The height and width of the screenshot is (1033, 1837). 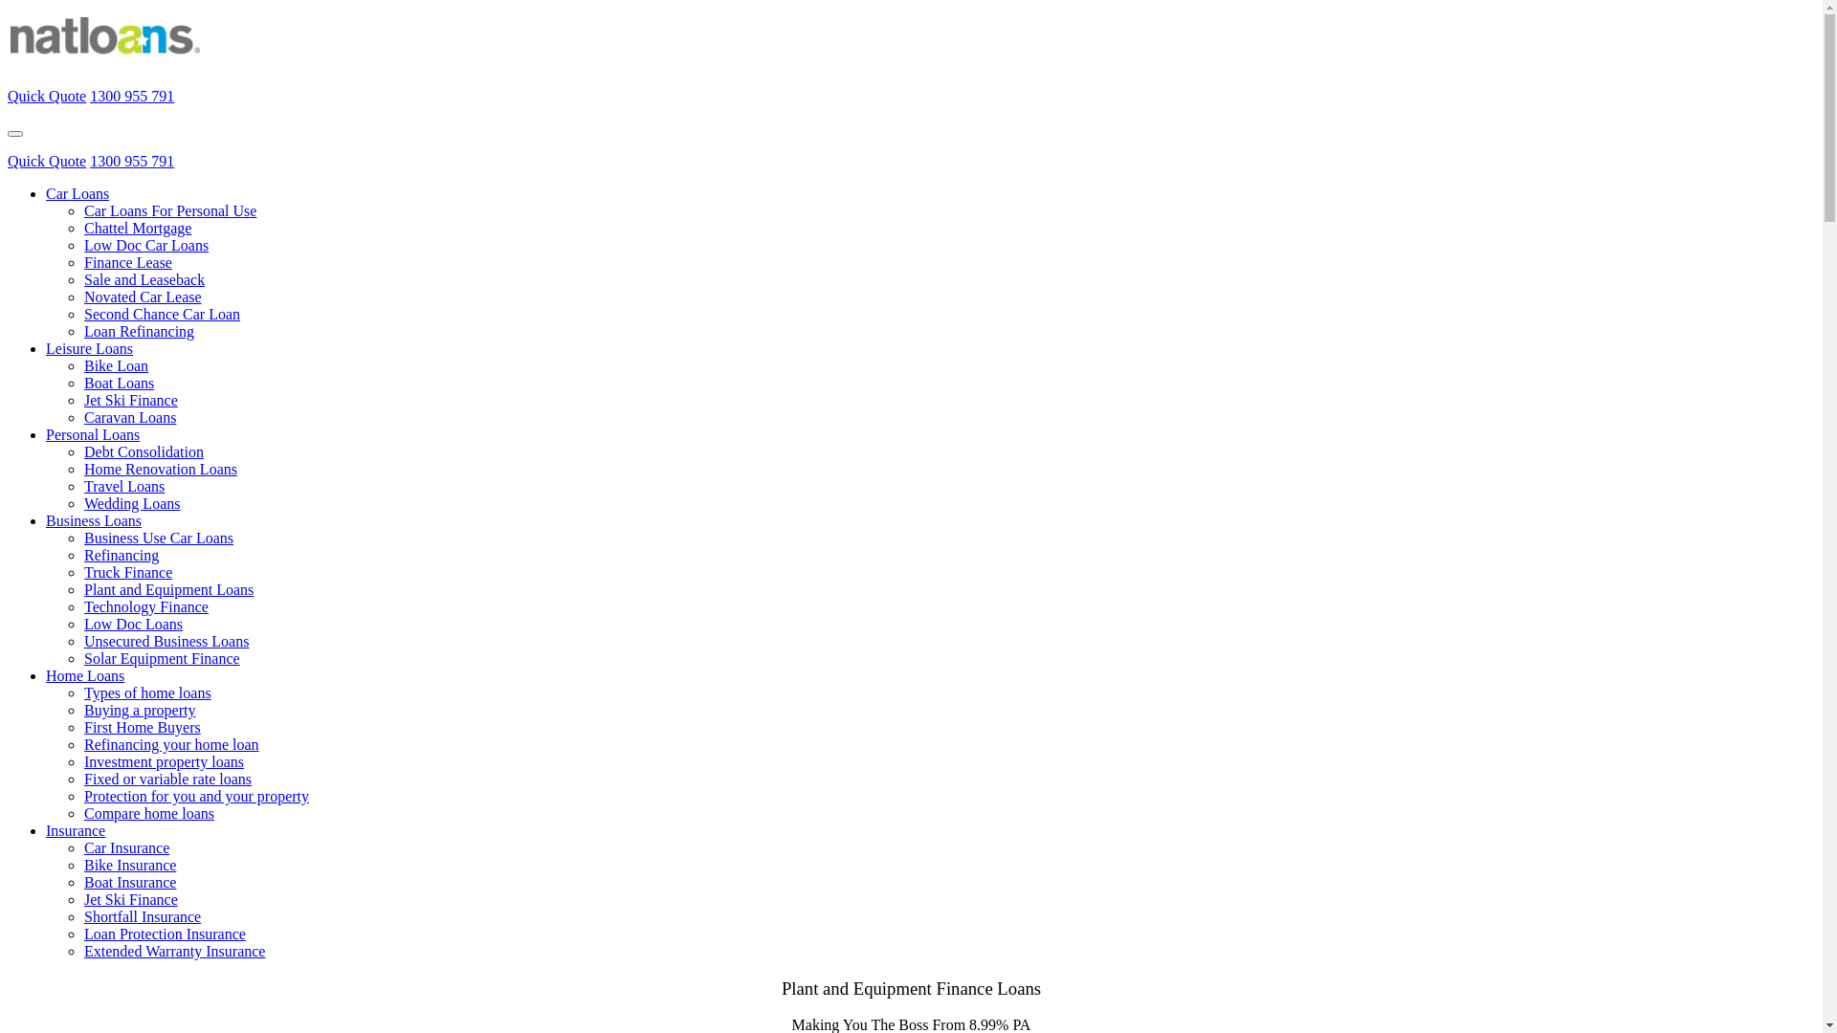 What do you see at coordinates (145, 606) in the screenshot?
I see `'Technology Finance'` at bounding box center [145, 606].